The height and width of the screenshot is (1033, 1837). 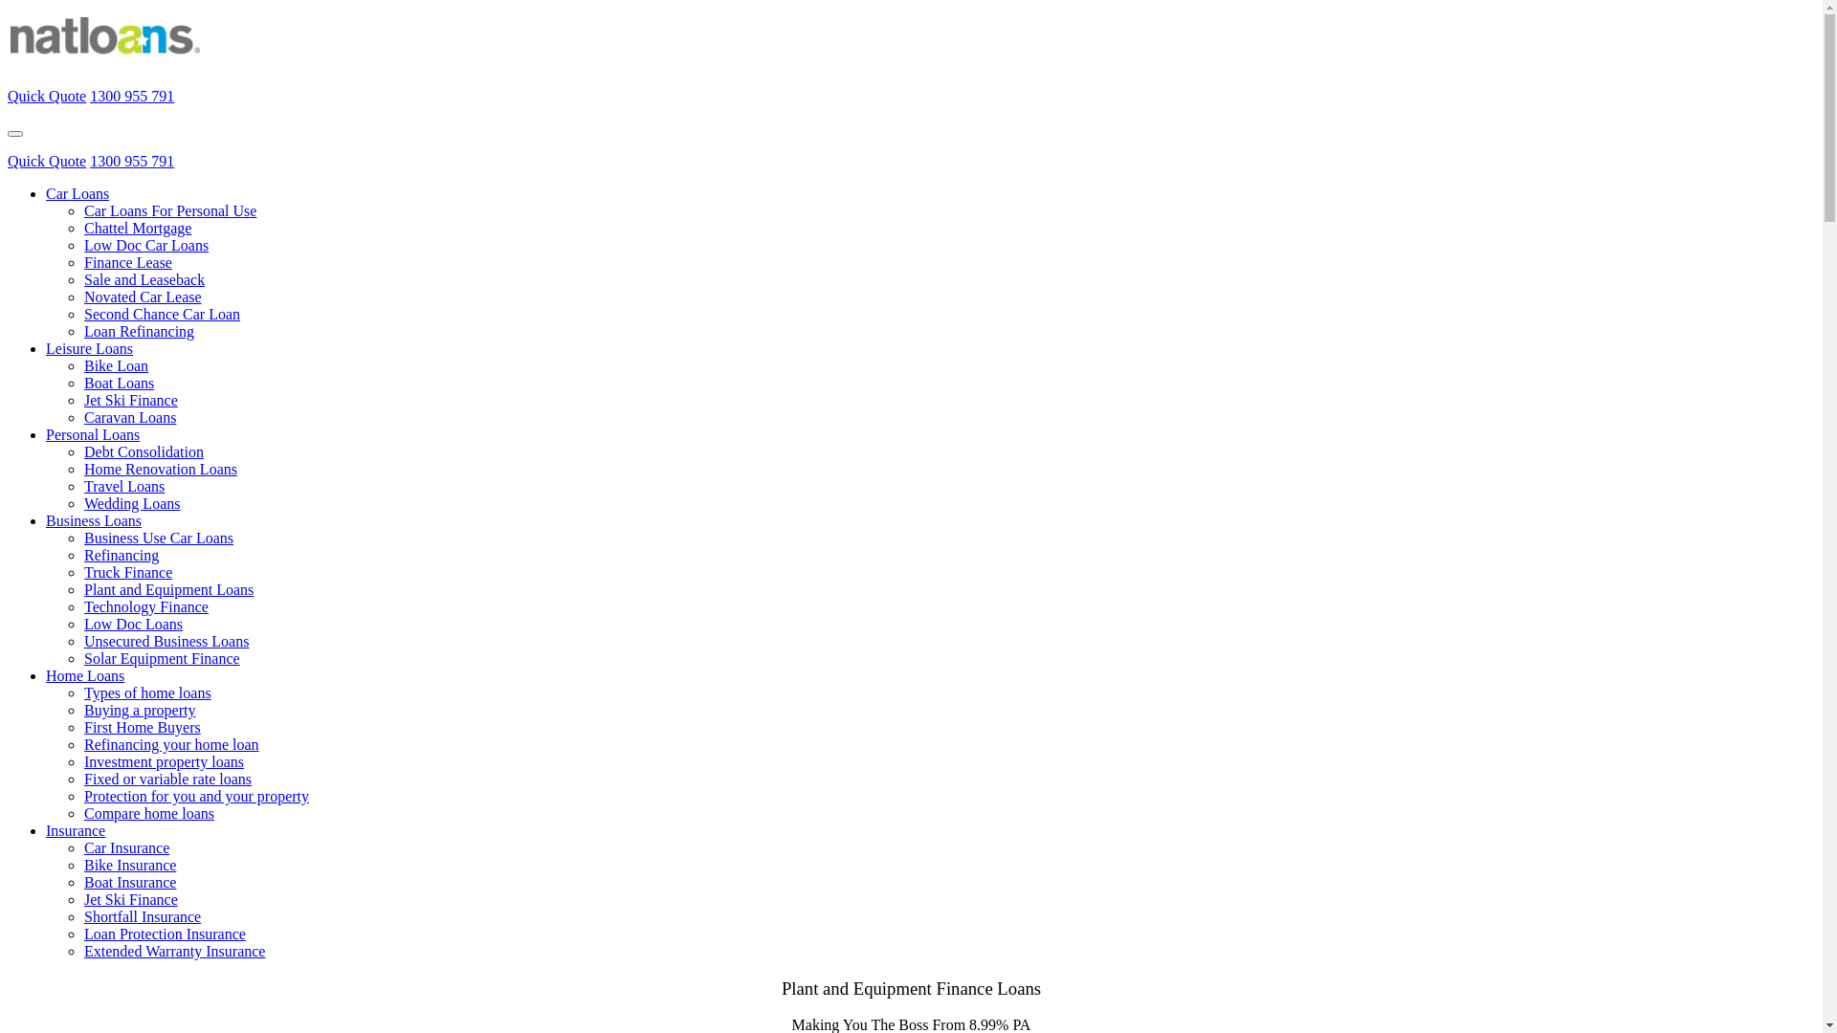 What do you see at coordinates (145, 606) in the screenshot?
I see `'Technology Finance'` at bounding box center [145, 606].